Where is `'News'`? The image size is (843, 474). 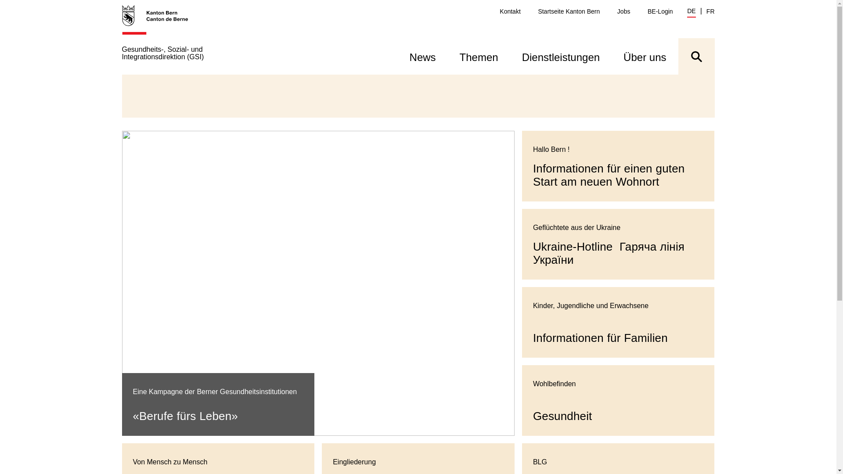 'News' is located at coordinates (423, 56).